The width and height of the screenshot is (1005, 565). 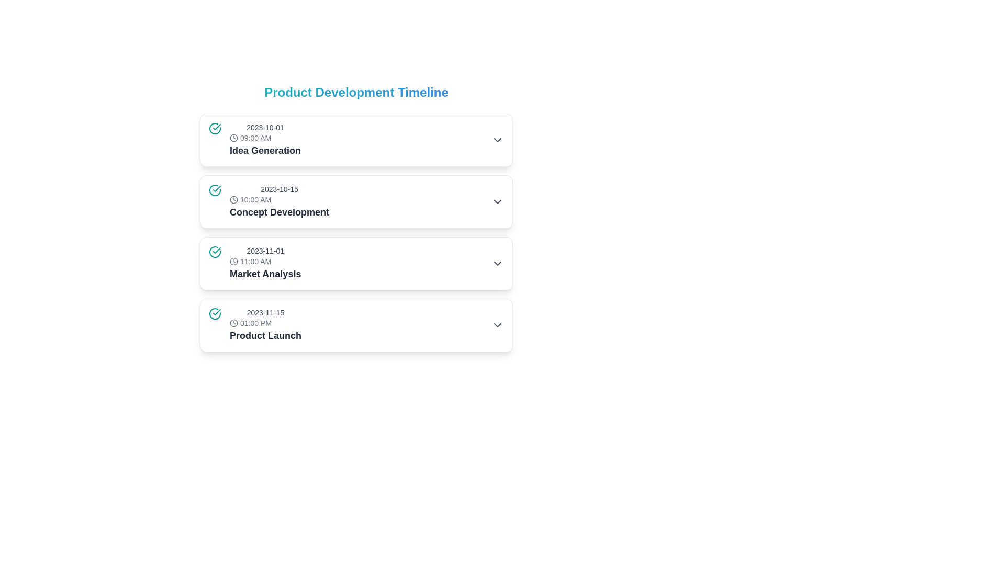 I want to click on the timestamp element displaying '10:00 AM' with a muted gray font, which is part of the 'Concept Development' entry in the event list, so click(x=279, y=199).